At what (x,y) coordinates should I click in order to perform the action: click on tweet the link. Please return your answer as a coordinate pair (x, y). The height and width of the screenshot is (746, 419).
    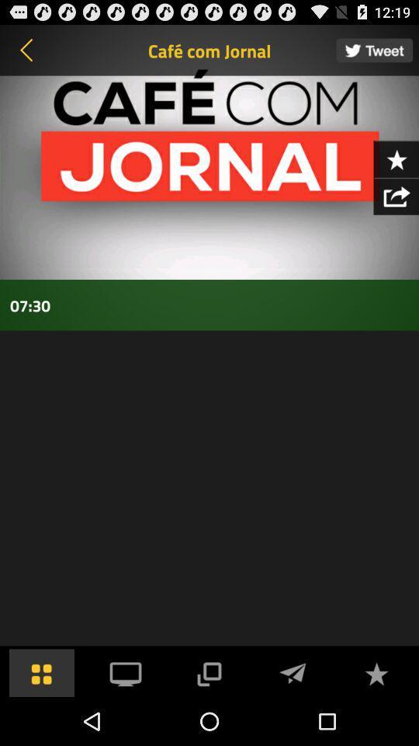
    Looking at the image, I should click on (373, 50).